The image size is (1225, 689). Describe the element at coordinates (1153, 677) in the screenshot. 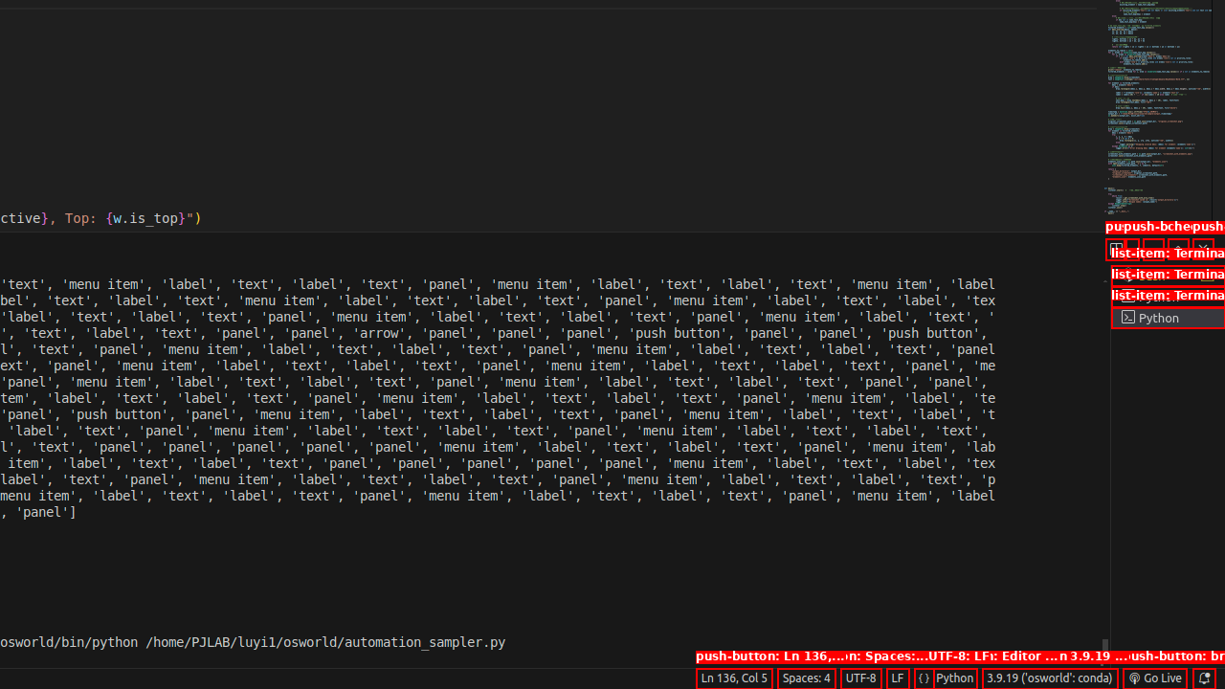

I see `'broadcast Go Live, Click to run live server'` at that location.